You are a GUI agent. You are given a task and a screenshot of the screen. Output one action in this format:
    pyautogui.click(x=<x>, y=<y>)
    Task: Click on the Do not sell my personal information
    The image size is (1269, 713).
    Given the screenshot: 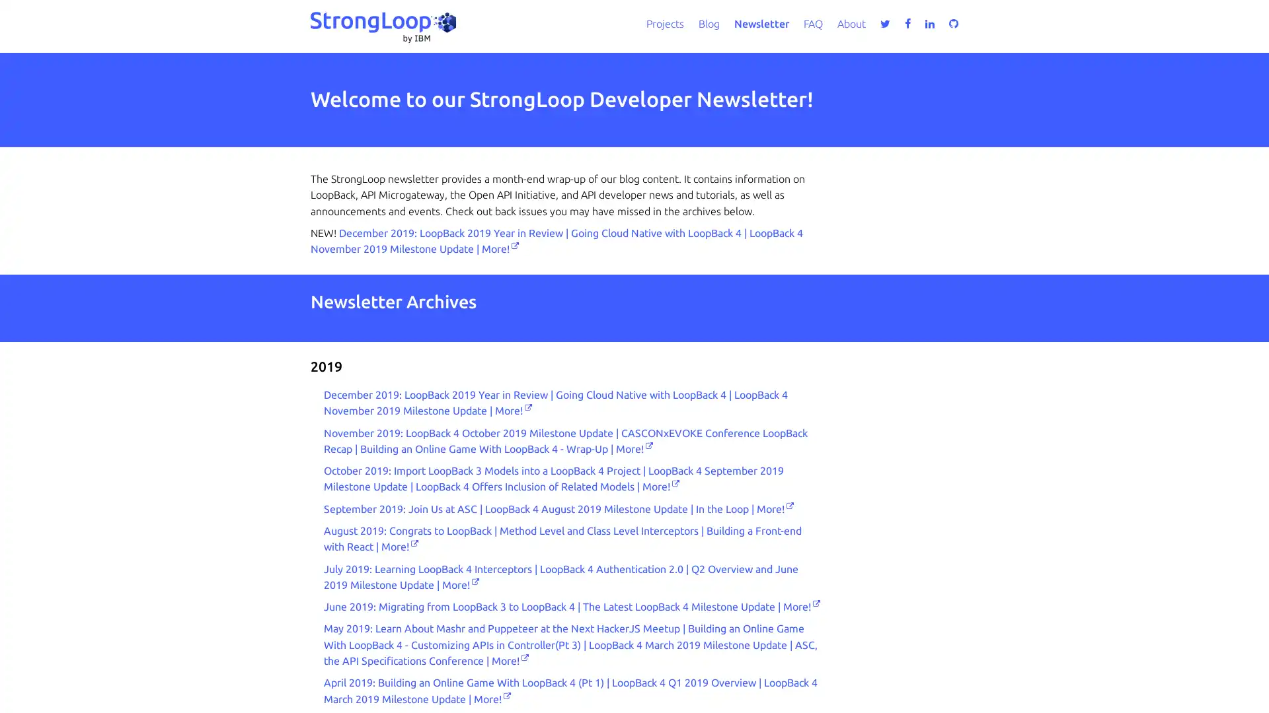 What is the action you would take?
    pyautogui.click(x=1162, y=669)
    